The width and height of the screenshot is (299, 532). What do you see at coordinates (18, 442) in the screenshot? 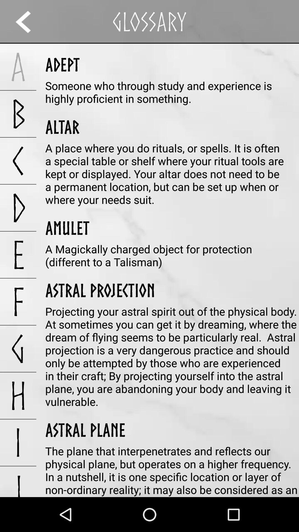
I see `the app above j app` at bounding box center [18, 442].